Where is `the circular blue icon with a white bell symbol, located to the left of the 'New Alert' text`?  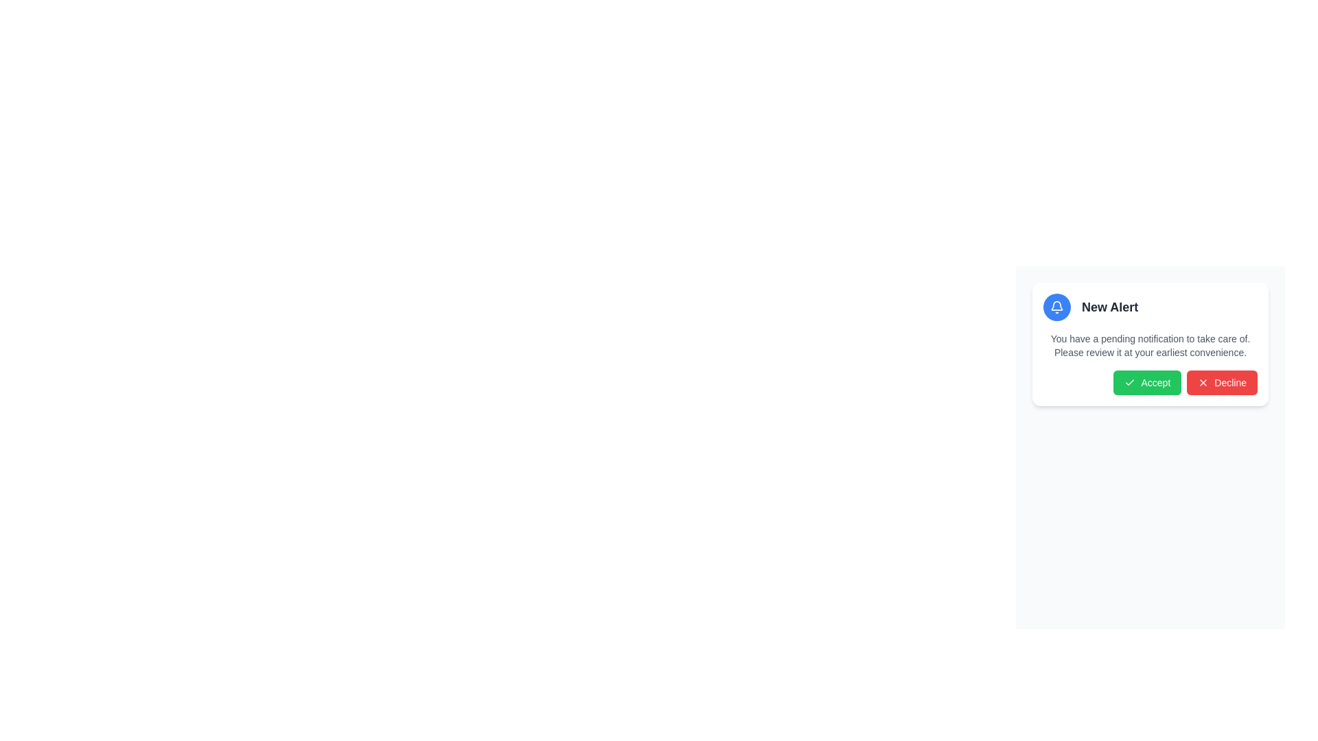 the circular blue icon with a white bell symbol, located to the left of the 'New Alert' text is located at coordinates (1056, 306).